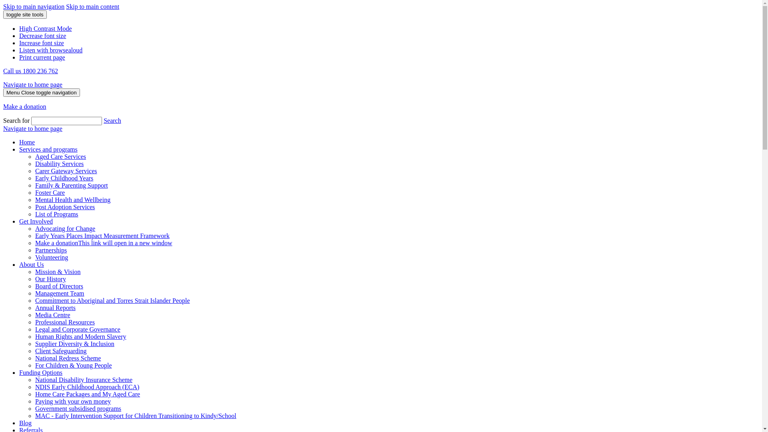 The height and width of the screenshot is (432, 768). Describe the element at coordinates (34, 156) in the screenshot. I see `'Aged Care Services'` at that location.